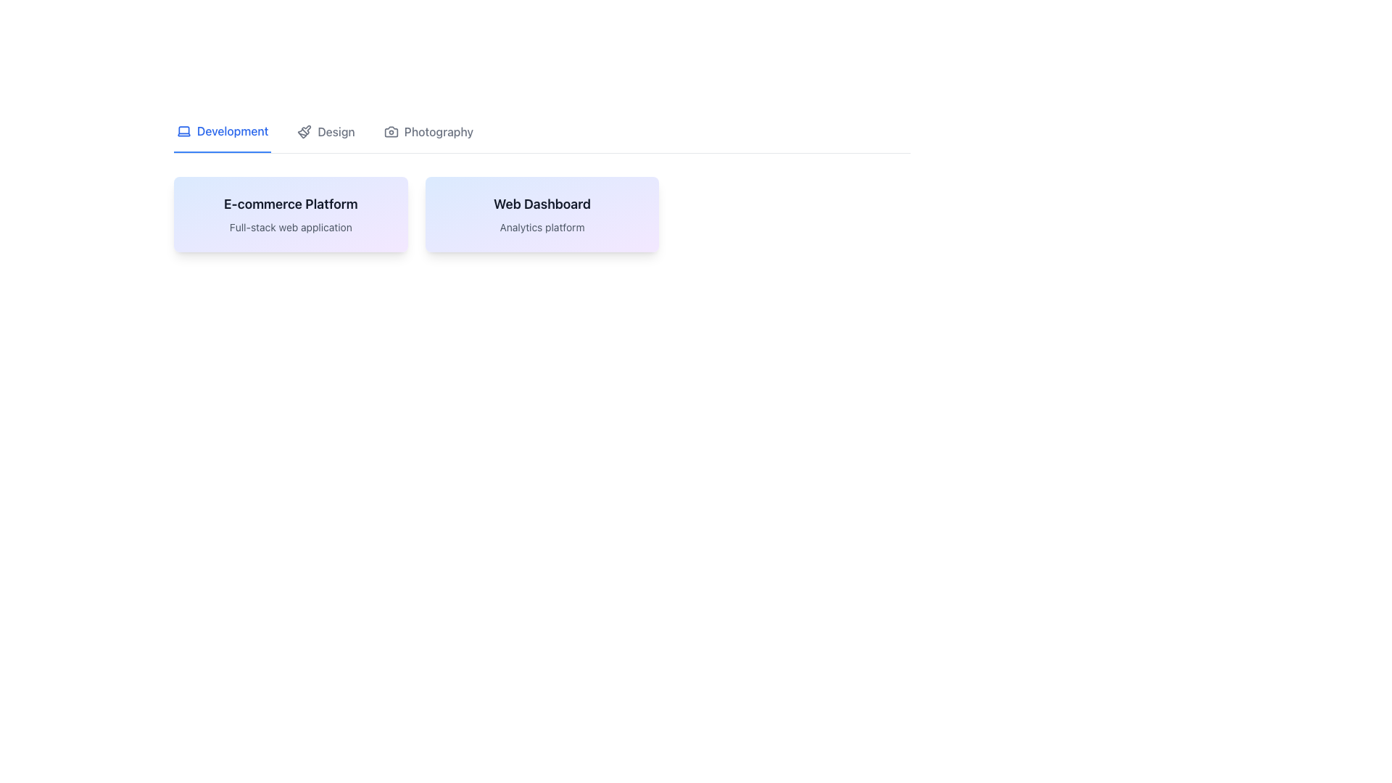 Image resolution: width=1392 pixels, height=783 pixels. What do you see at coordinates (391, 131) in the screenshot?
I see `the Photography icon in the navigation bar, which is the first element preceding the text 'Photography'` at bounding box center [391, 131].